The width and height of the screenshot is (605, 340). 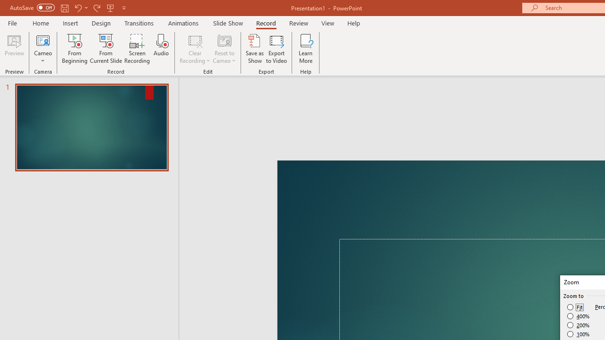 I want to click on 'Learn More', so click(x=306, y=49).